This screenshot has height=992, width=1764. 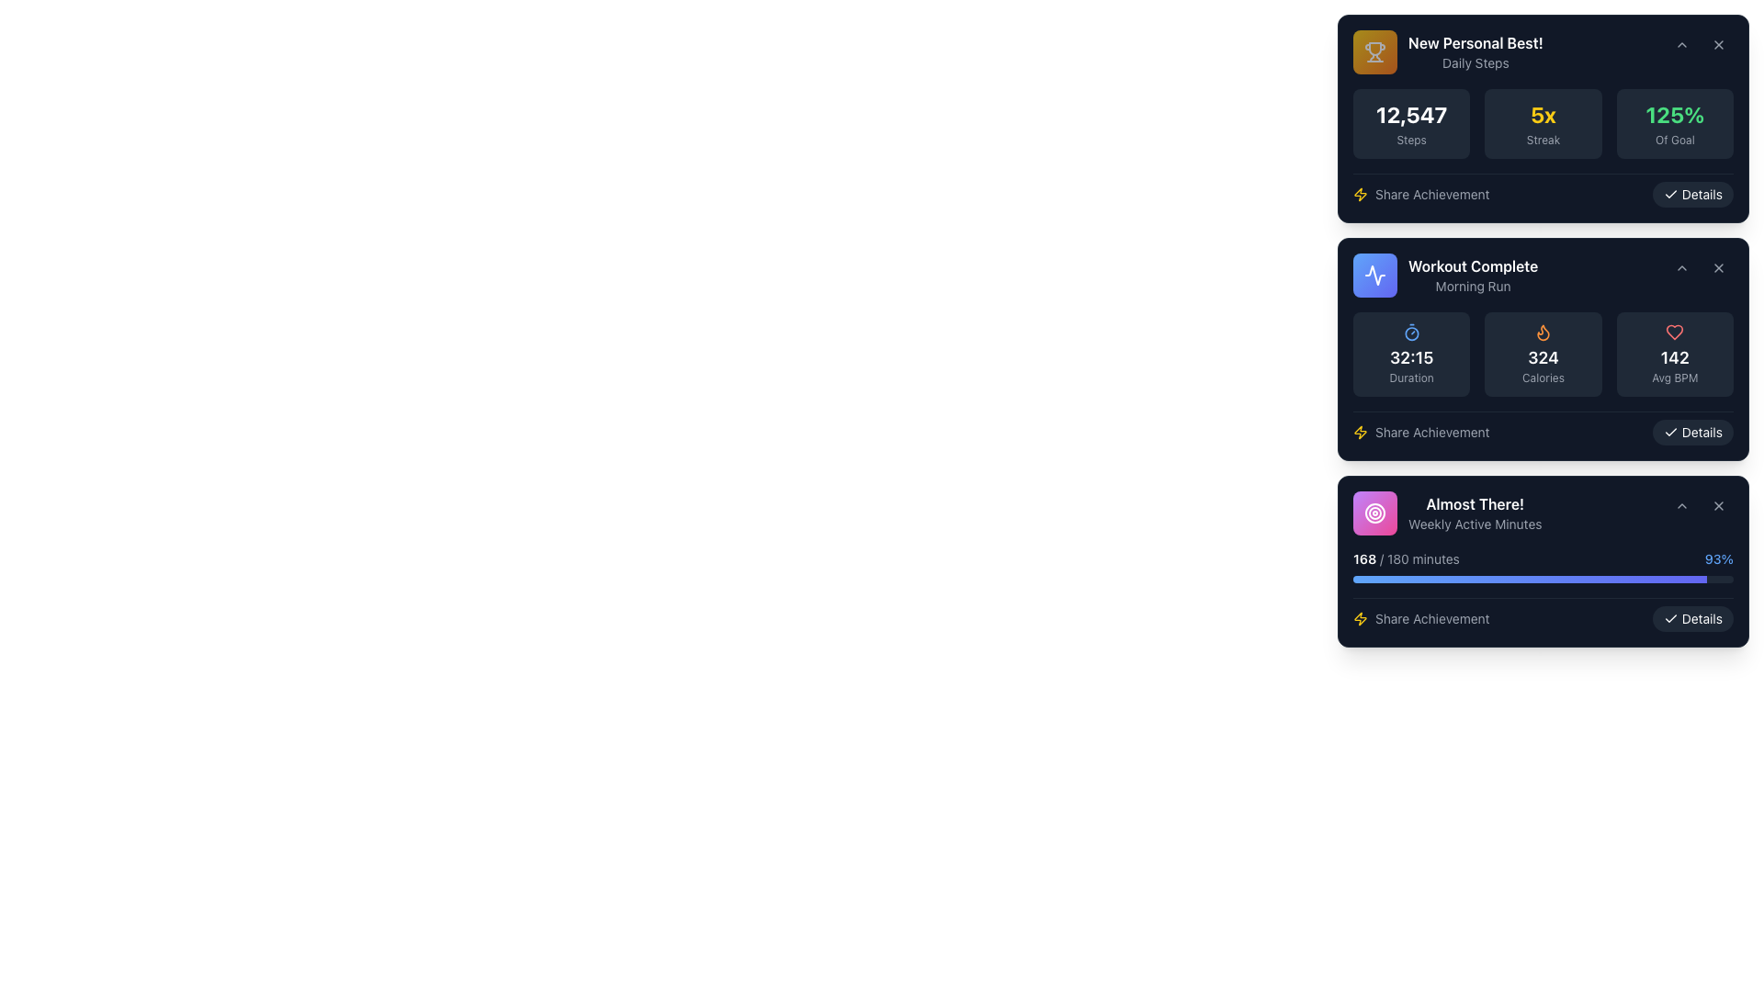 What do you see at coordinates (1718, 506) in the screenshot?
I see `the close icon represented as an 'X' shape in the top-right corner of the 'Almost There!' card` at bounding box center [1718, 506].